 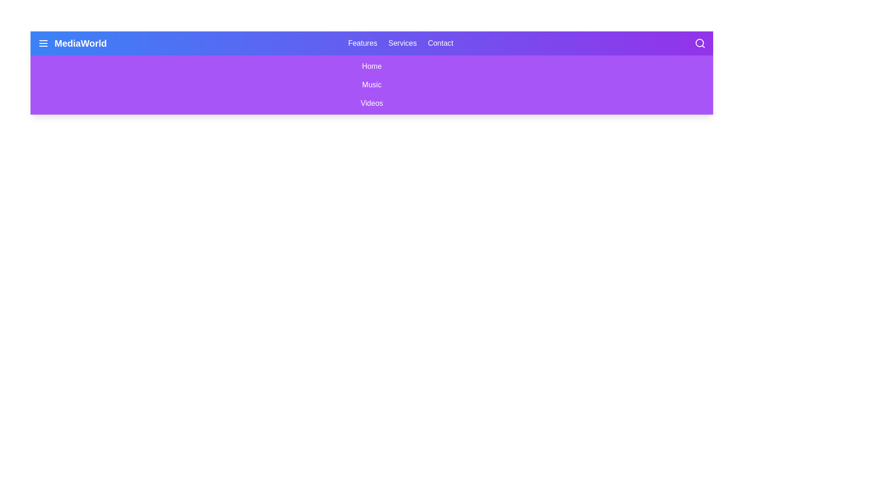 What do you see at coordinates (372, 43) in the screenshot?
I see `the Navigation bar at the top of the interface` at bounding box center [372, 43].